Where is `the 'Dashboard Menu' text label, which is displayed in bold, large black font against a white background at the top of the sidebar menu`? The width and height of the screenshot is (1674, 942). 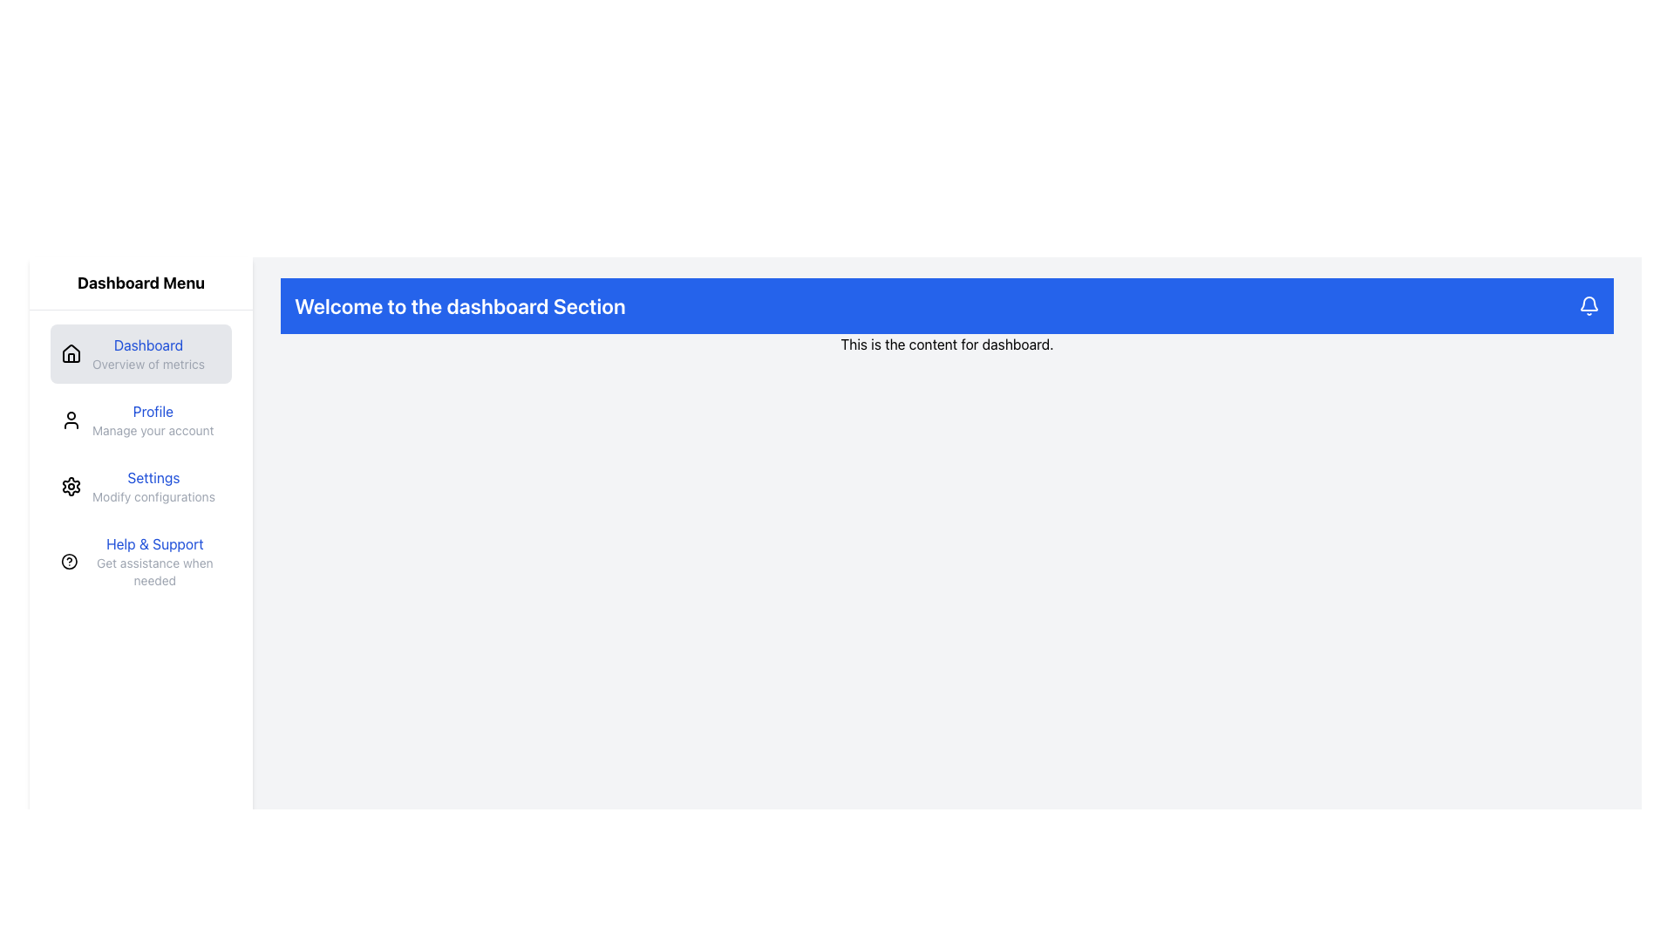
the 'Dashboard Menu' text label, which is displayed in bold, large black font against a white background at the top of the sidebar menu is located at coordinates (141, 283).